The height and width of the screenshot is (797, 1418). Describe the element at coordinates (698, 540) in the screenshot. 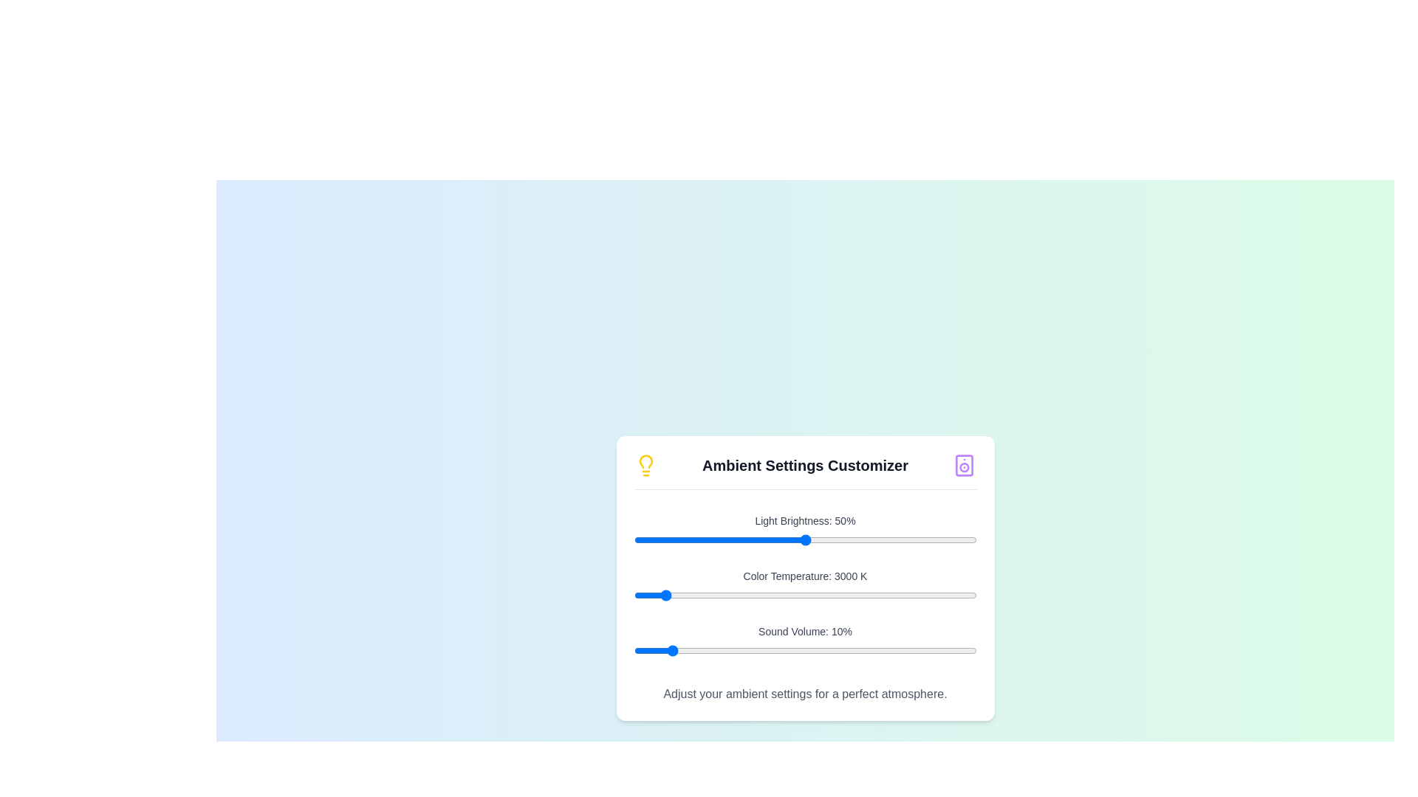

I see `the light brightness` at that location.